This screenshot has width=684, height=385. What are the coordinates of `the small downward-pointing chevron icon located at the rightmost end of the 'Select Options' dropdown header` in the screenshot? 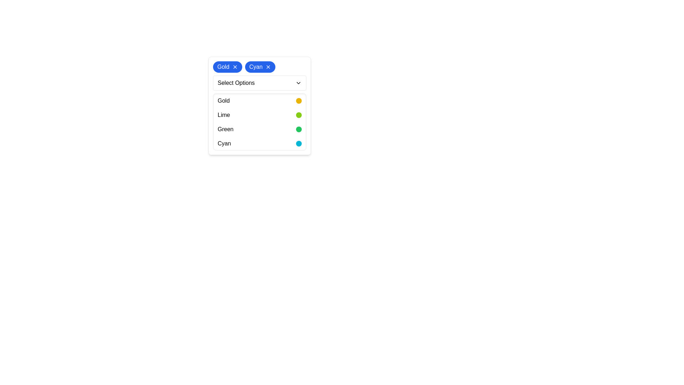 It's located at (299, 82).